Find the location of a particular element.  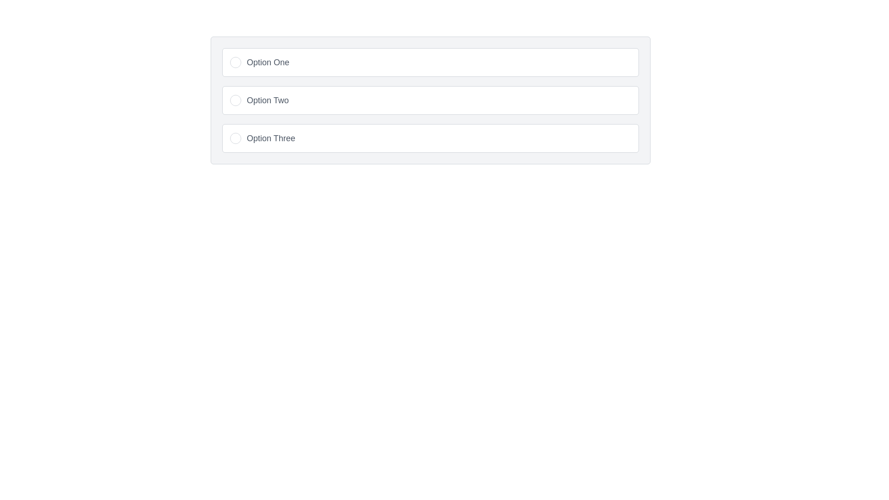

the text label displaying 'Option Three', which is styled in a gray, medium-sized font and is located as the last option in a vertically organized list of selectable options is located at coordinates (270, 138).